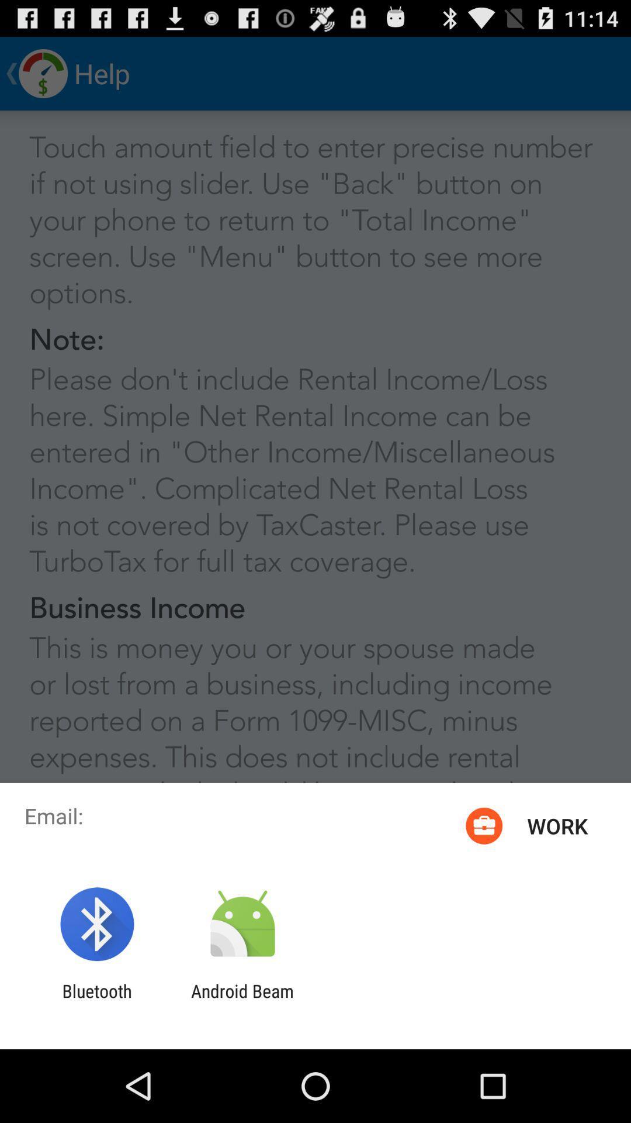 The width and height of the screenshot is (631, 1123). Describe the element at coordinates (242, 1001) in the screenshot. I see `app next to the bluetooth` at that location.